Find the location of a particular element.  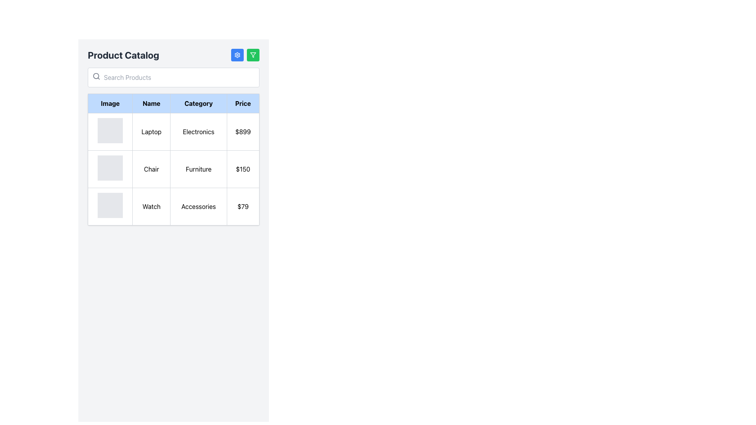

the header cell with a light blue background and black bold text reading 'Price', located in the last column of the table header is located at coordinates (243, 103).